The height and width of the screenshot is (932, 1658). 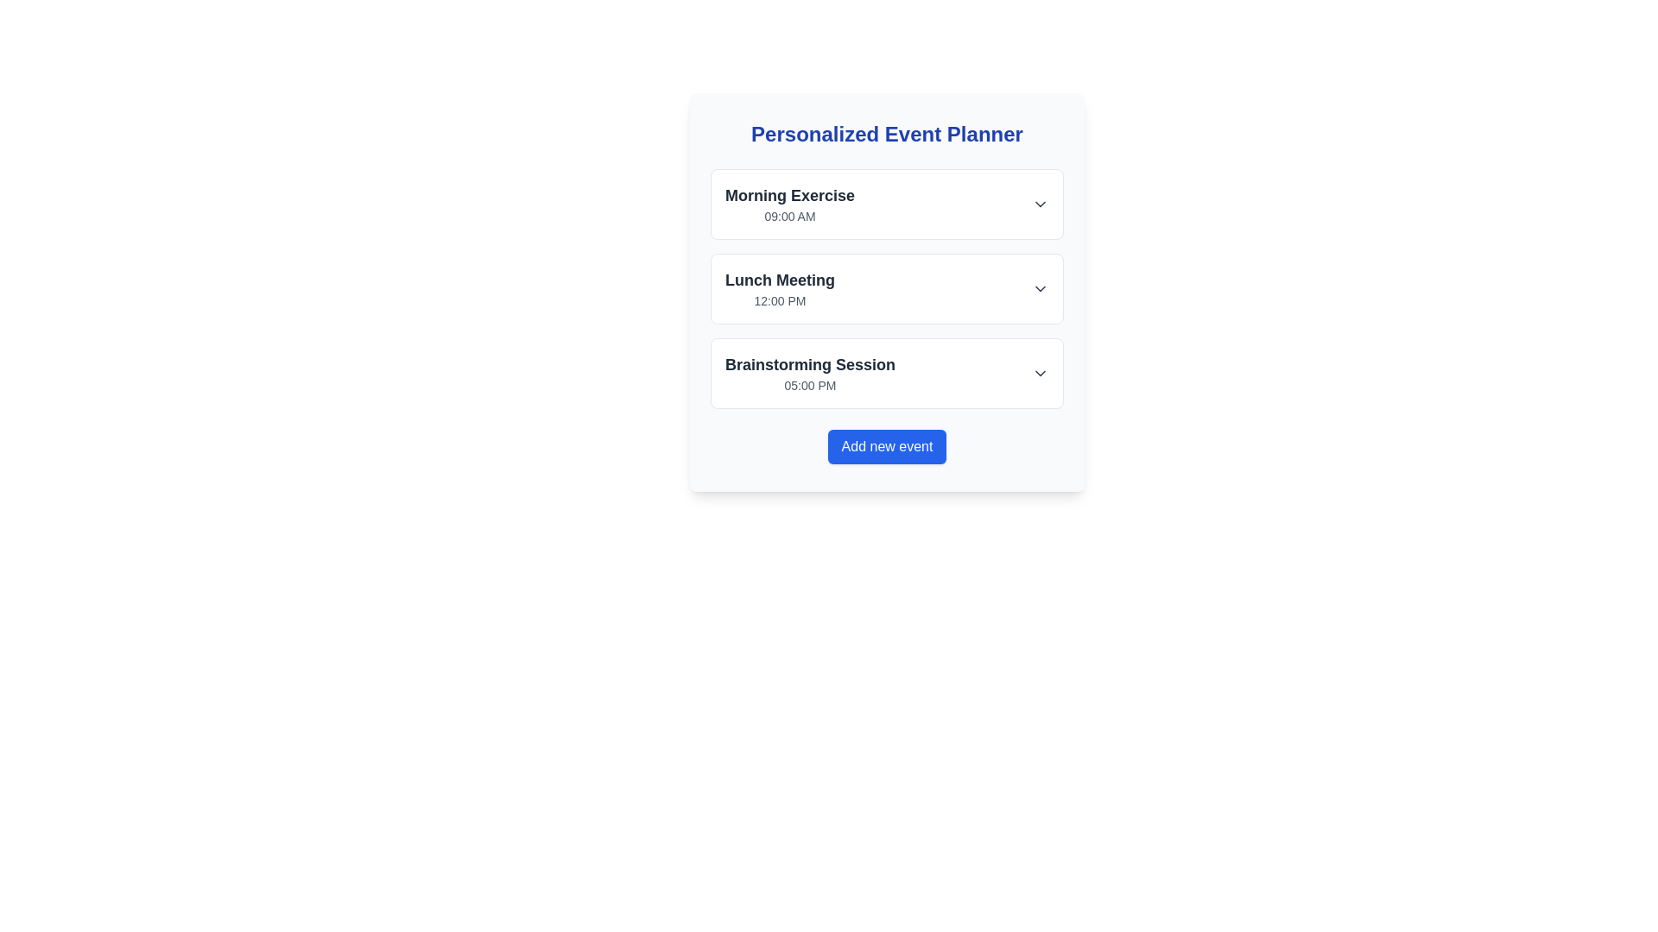 I want to click on the chevron button on the far right of the 'Brainstorming Session, 05:00 PM' row, so click(x=1039, y=372).